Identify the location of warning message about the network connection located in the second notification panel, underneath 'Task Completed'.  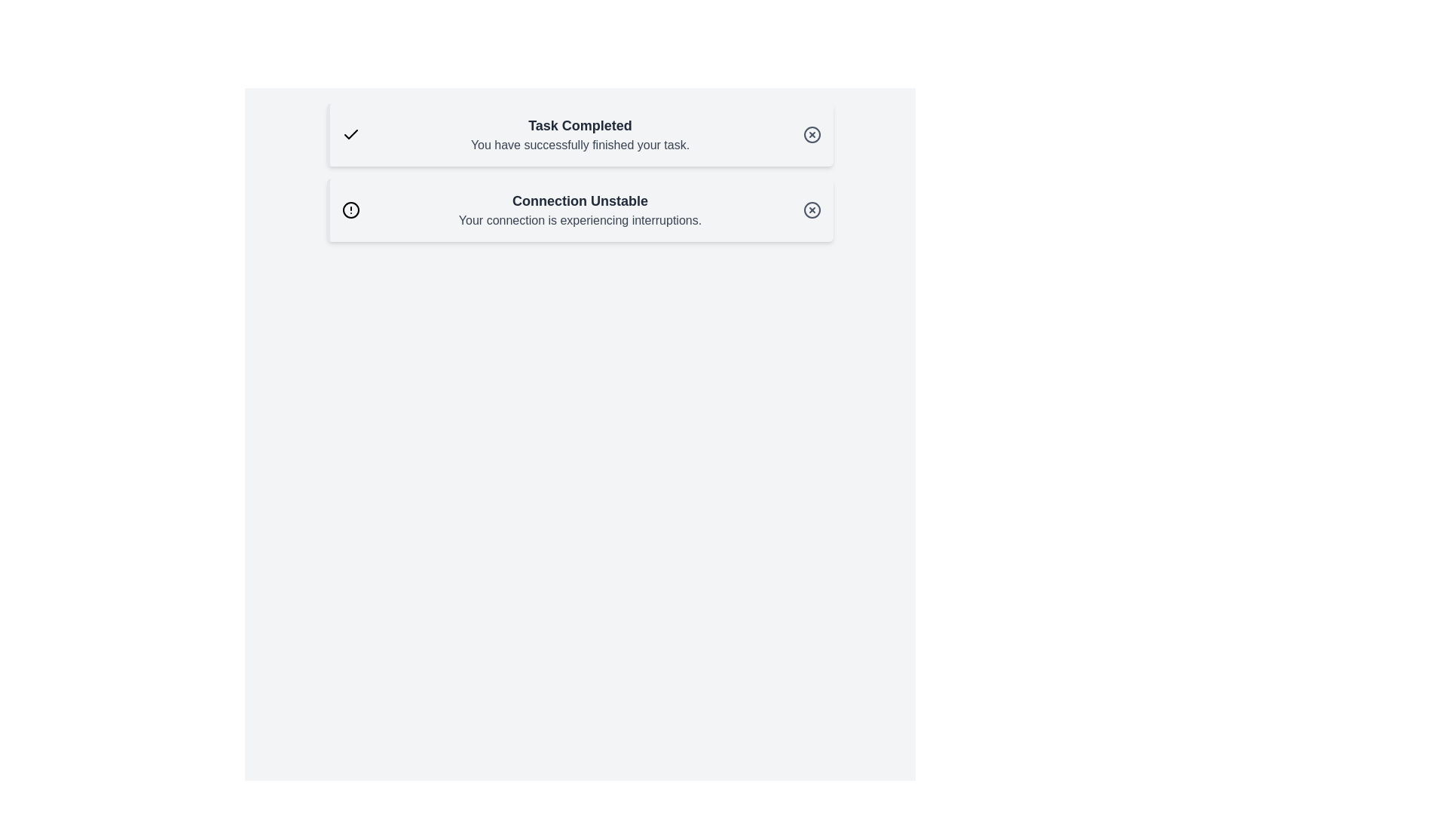
(579, 210).